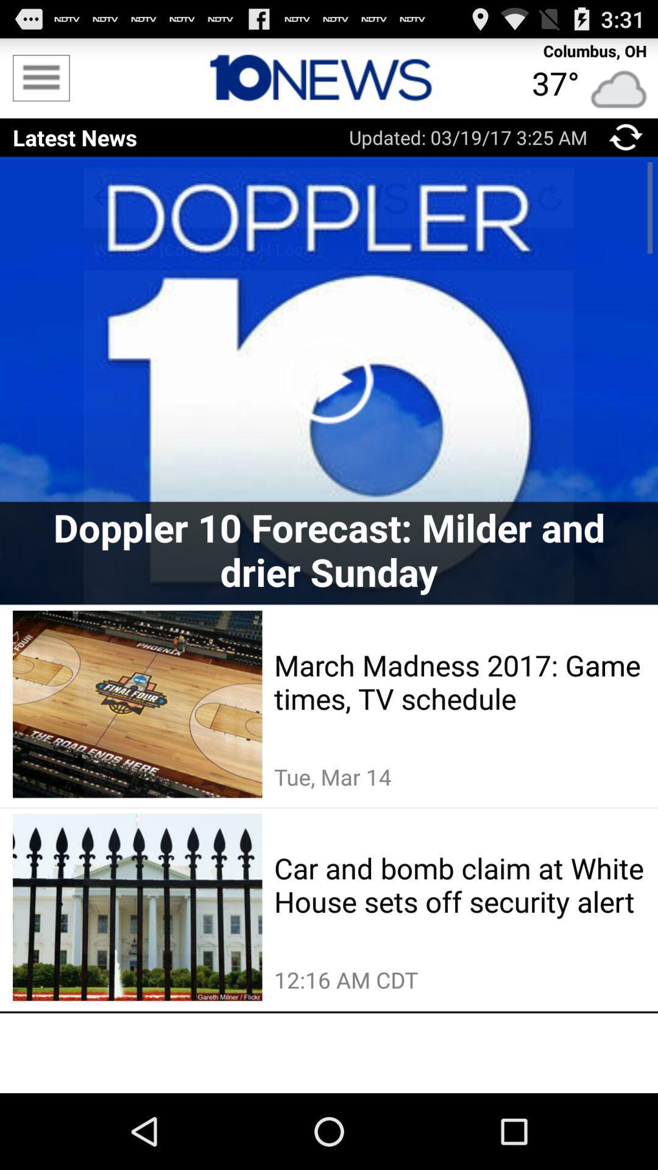  I want to click on the item above 12 16 am item, so click(459, 884).